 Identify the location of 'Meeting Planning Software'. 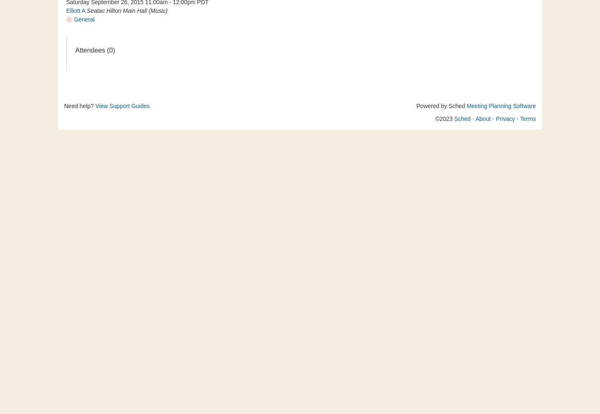
(466, 106).